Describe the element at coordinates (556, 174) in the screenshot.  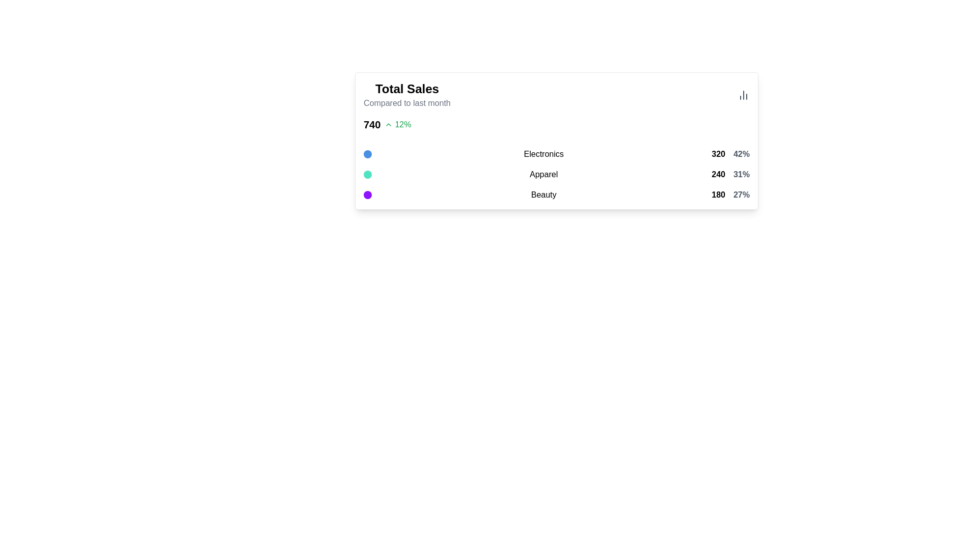
I see `the displayed data in the textual data display with graphical cues located below the 'Total Sales' header` at that location.